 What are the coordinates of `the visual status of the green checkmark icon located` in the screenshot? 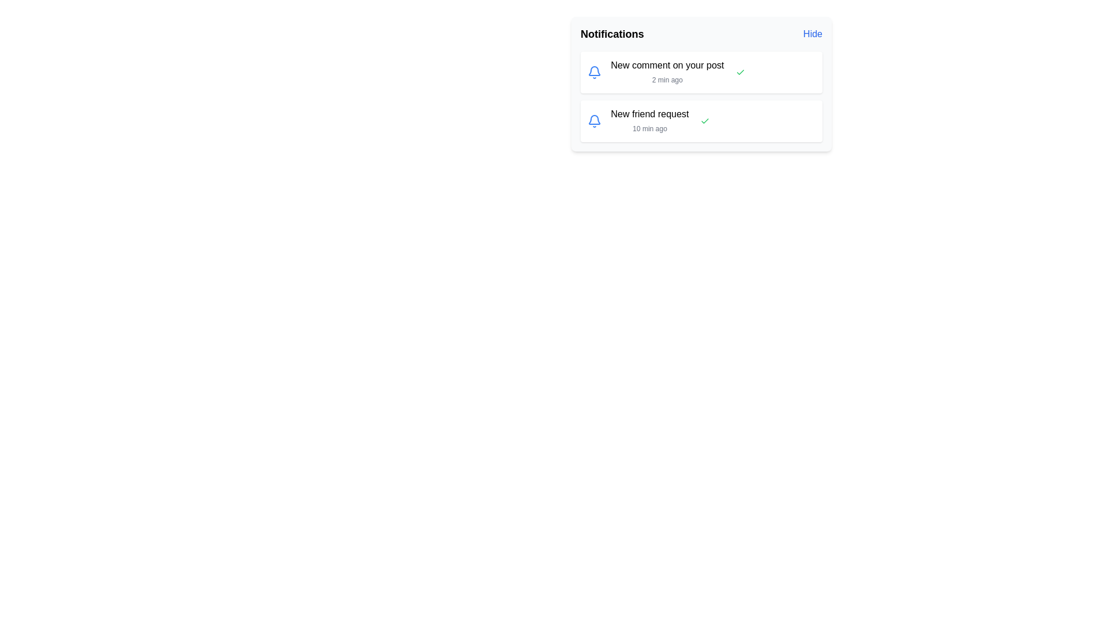 It's located at (739, 72).